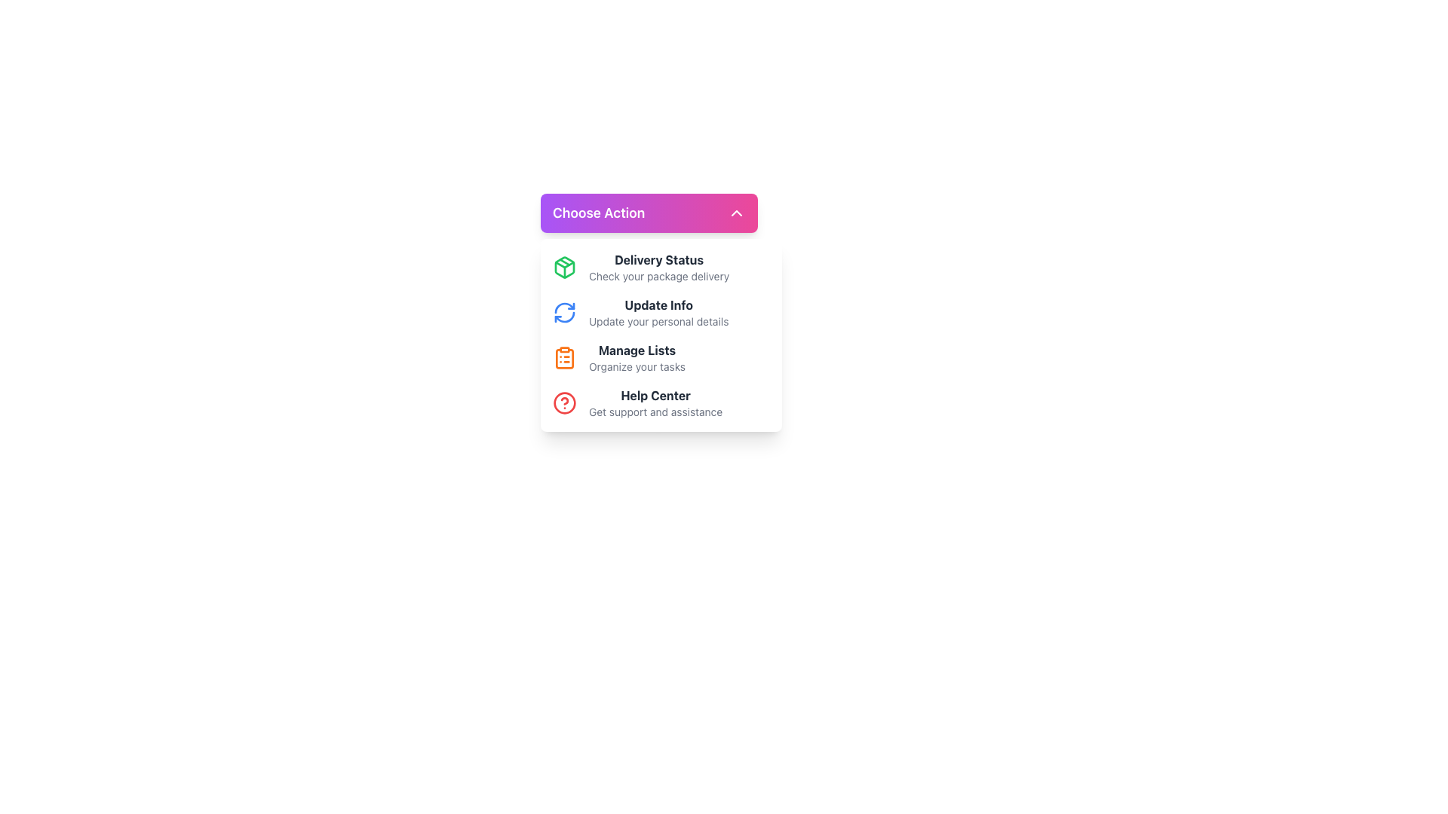 This screenshot has width=1448, height=814. What do you see at coordinates (563, 266) in the screenshot?
I see `SVG structure of the 'Delivery Status' icon located in the 'Choose Action' dropdown menu, which is visually represented and aligned to the left of the 'Delivery Status' option` at bounding box center [563, 266].